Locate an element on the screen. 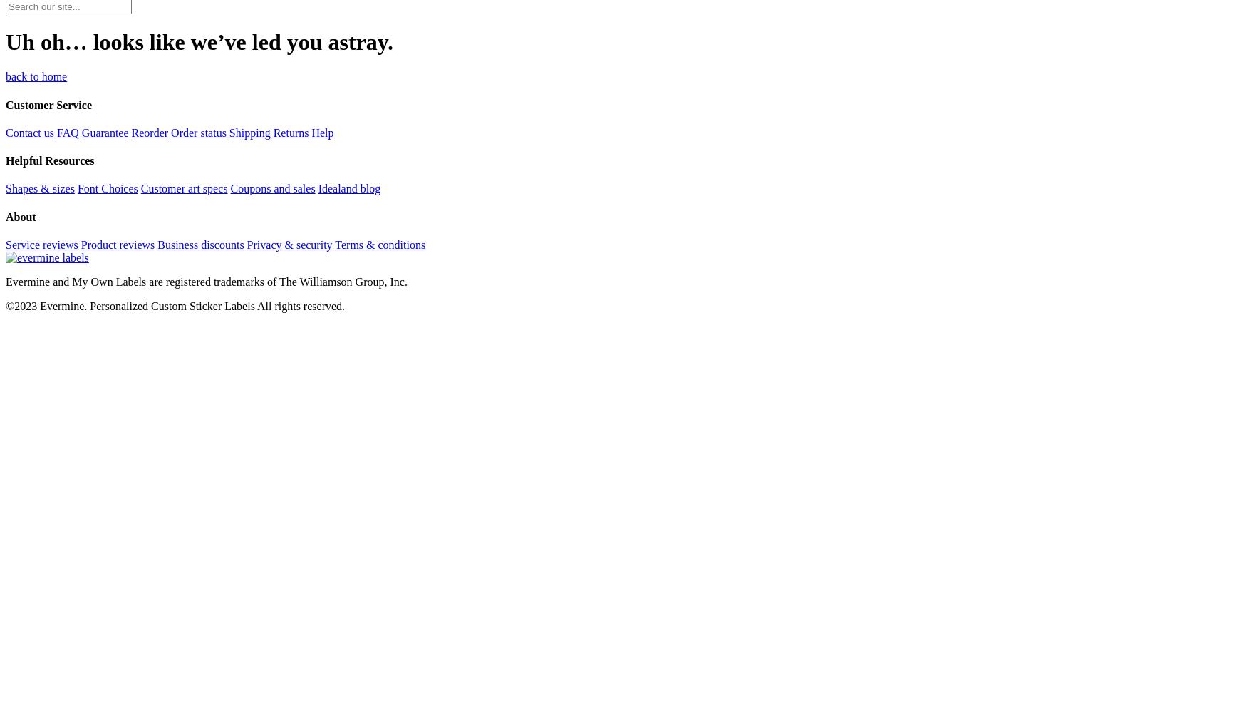 The height and width of the screenshot is (713, 1239). 'Uh oh… looks like we’ve led you astray.' is located at coordinates (4, 41).